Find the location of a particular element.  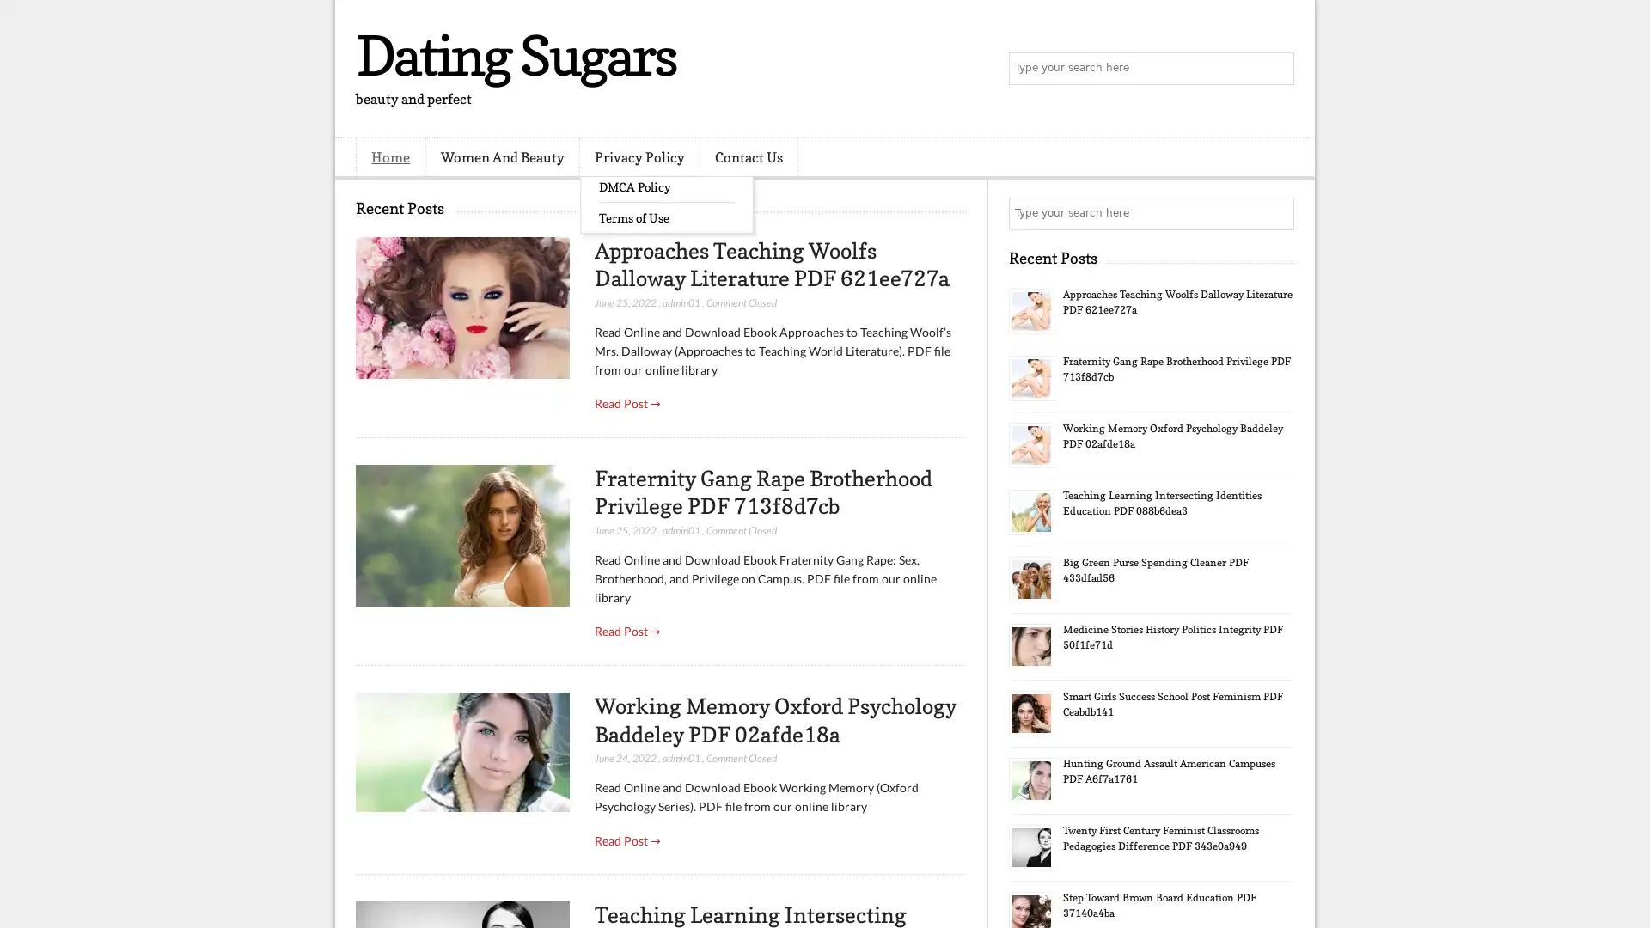

Search is located at coordinates (1276, 69).